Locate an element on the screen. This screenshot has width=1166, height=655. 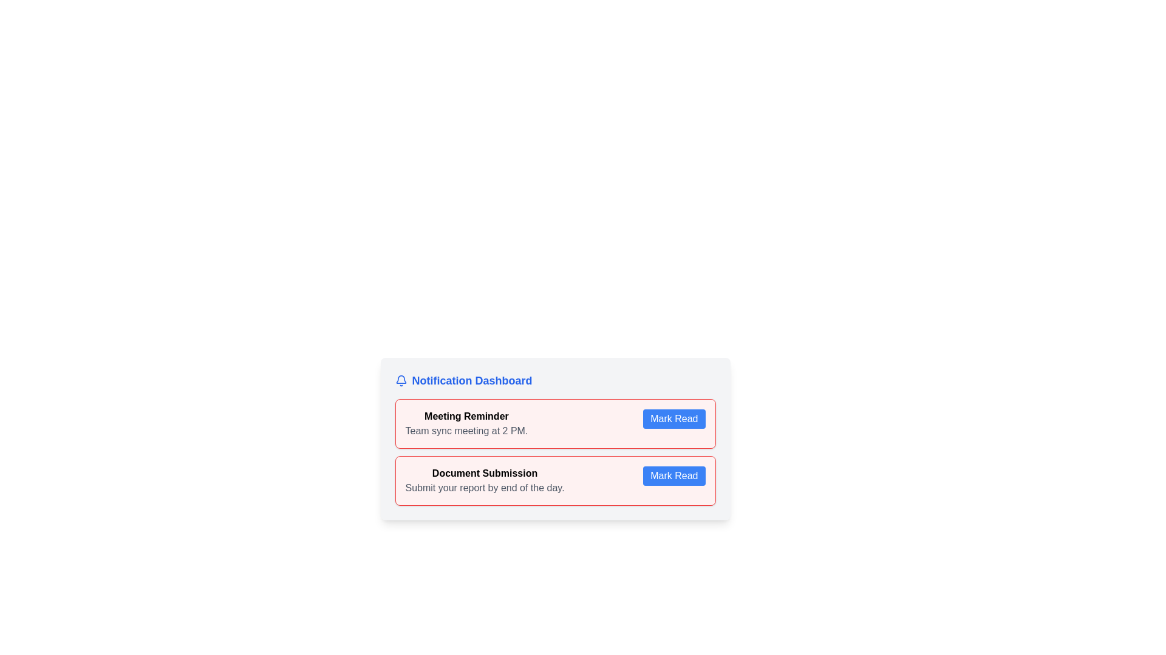
the text display area that provides the title and description for the document submission notification, located centrally within the notification block below the 'Meeting Reminder.' is located at coordinates (484, 480).